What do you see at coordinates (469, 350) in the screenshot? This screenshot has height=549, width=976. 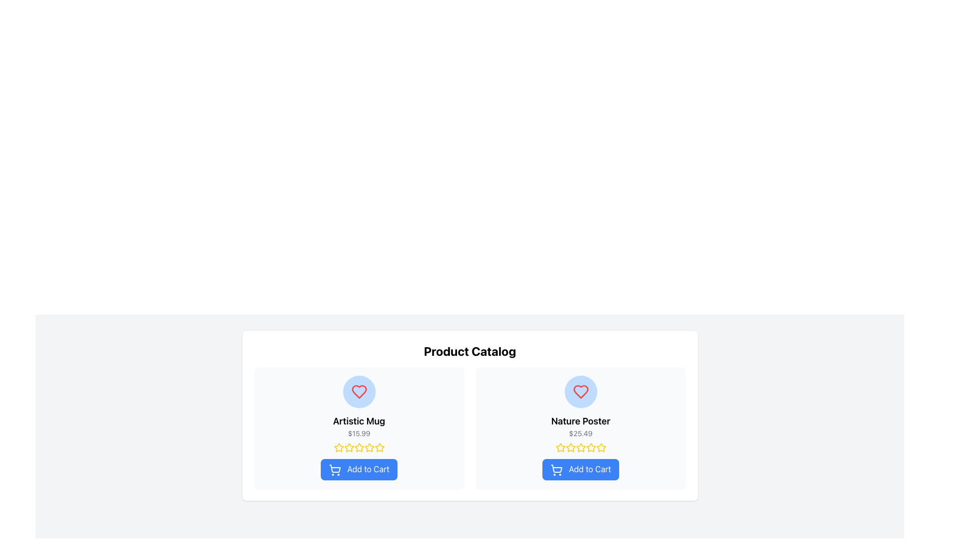 I see `the large, bold text label reading 'Product Catalog' that is centrally aligned above the product listings` at bounding box center [469, 350].